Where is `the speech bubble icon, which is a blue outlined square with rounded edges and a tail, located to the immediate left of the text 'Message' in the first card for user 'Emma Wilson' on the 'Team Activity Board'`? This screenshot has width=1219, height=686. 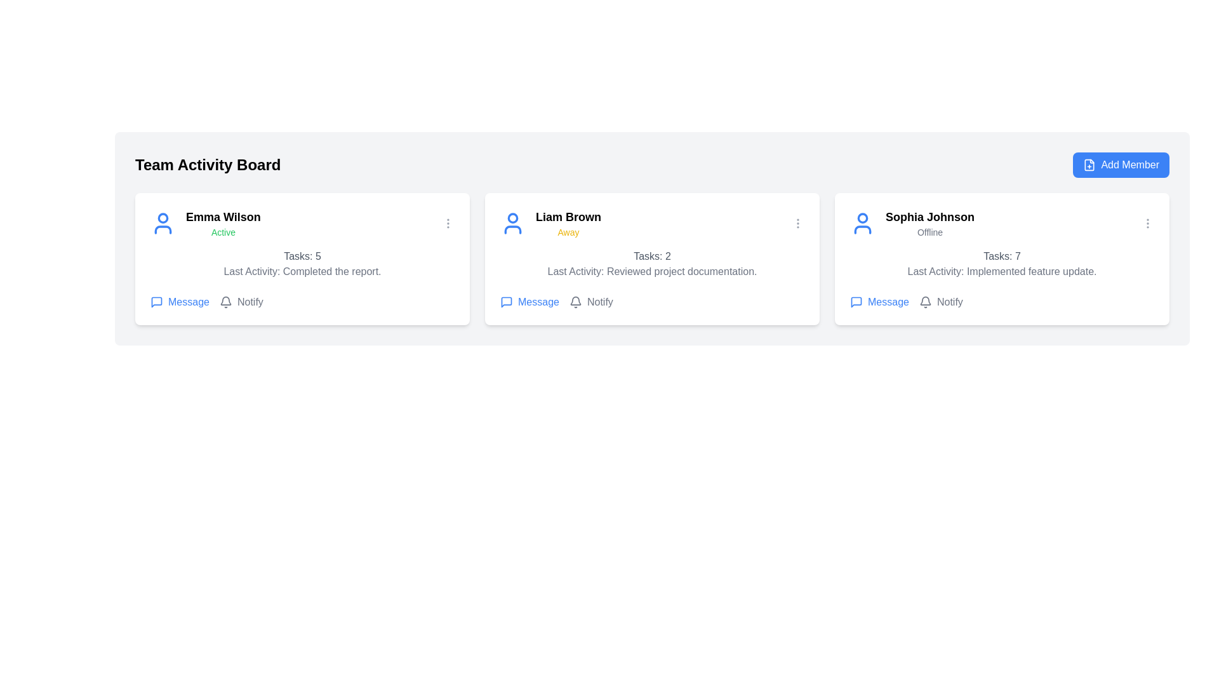 the speech bubble icon, which is a blue outlined square with rounded edges and a tail, located to the immediate left of the text 'Message' in the first card for user 'Emma Wilson' on the 'Team Activity Board' is located at coordinates (156, 302).